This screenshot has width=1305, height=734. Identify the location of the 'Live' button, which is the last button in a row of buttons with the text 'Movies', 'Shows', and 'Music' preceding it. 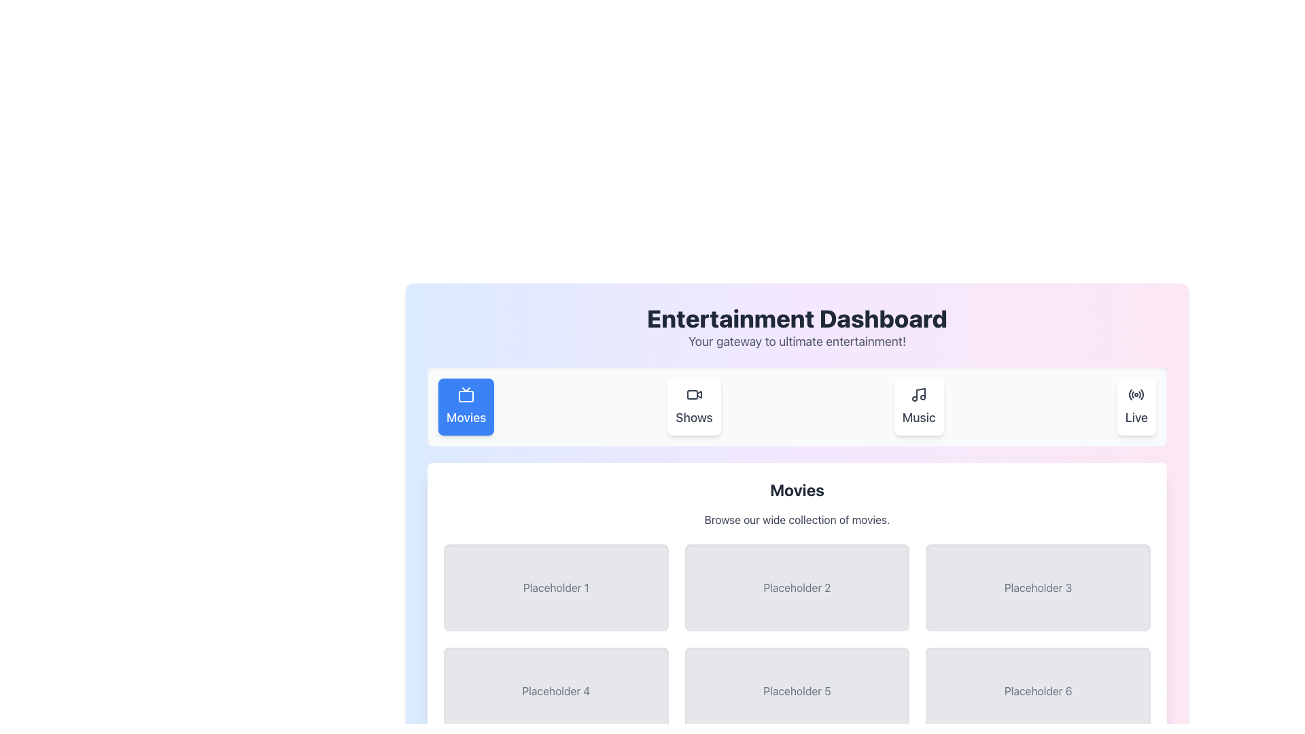
(1136, 406).